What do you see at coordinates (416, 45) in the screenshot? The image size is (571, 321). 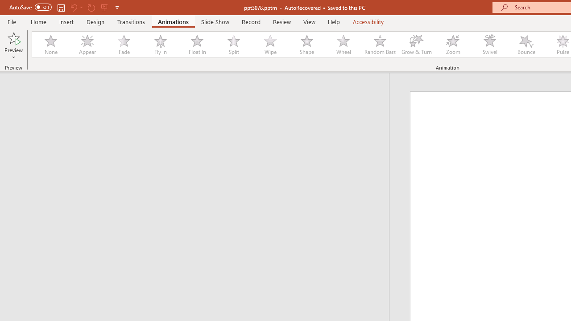 I see `'Grow & Turn'` at bounding box center [416, 45].